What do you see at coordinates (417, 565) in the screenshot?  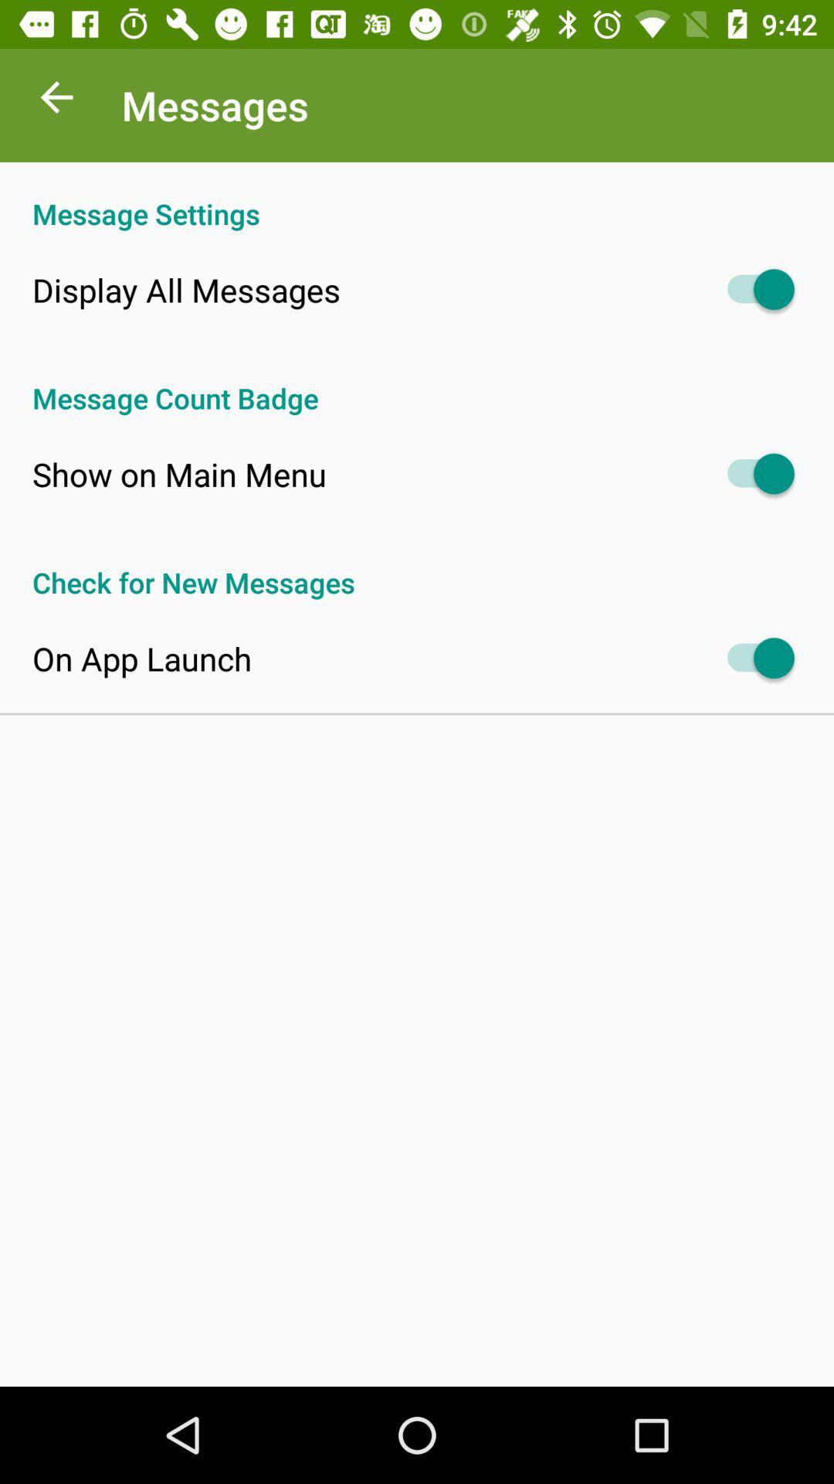 I see `the check for new at the center` at bounding box center [417, 565].